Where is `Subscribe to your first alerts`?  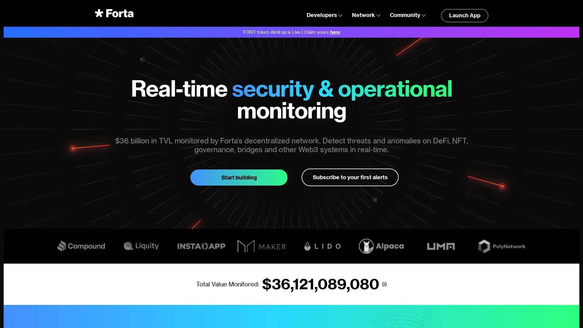 Subscribe to your first alerts is located at coordinates (350, 177).